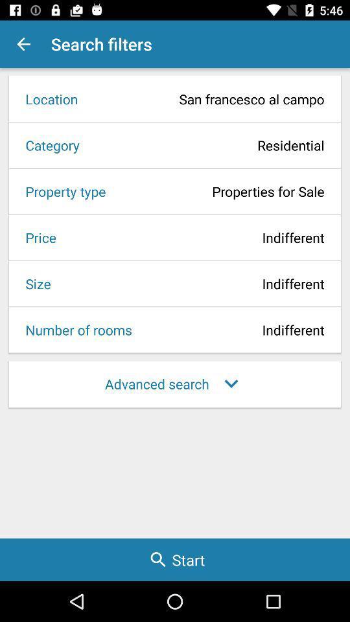 This screenshot has width=350, height=622. What do you see at coordinates (47, 145) in the screenshot?
I see `icon next to residential item` at bounding box center [47, 145].